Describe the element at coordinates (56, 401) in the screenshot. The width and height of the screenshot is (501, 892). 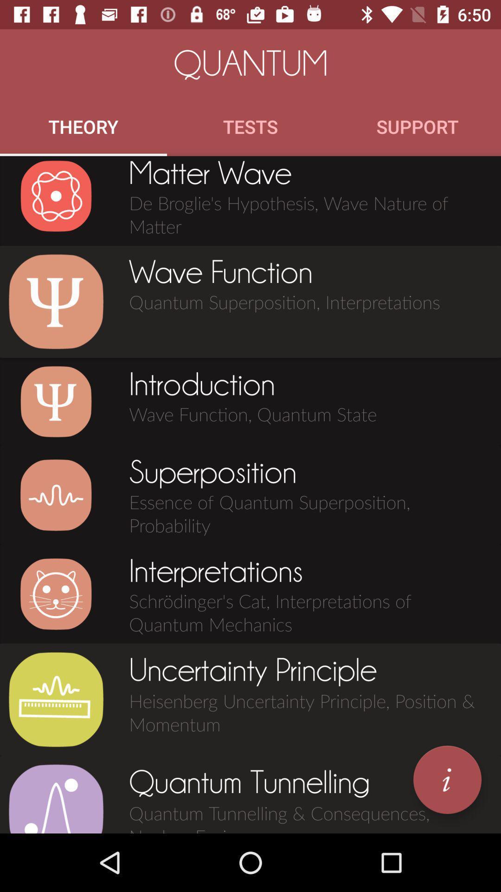
I see `button` at that location.